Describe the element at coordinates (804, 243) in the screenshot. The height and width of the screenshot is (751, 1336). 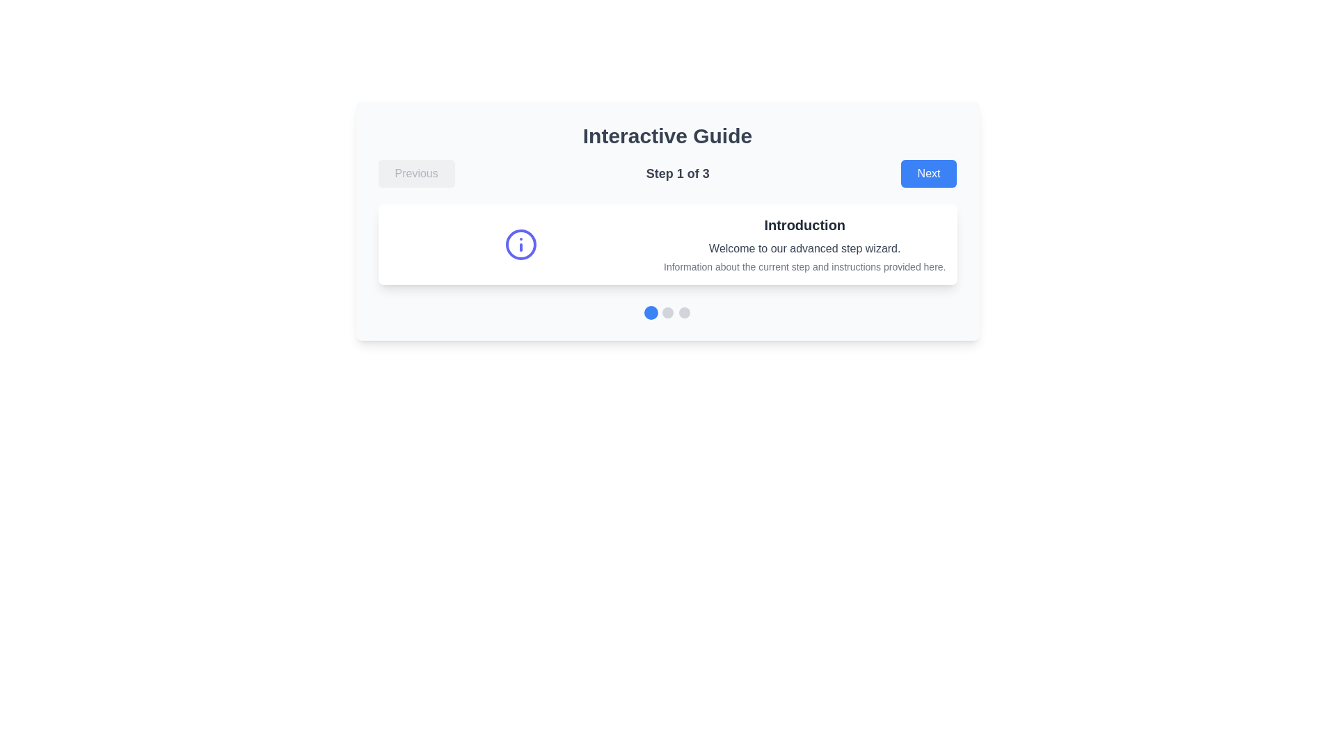
I see `Composite text block containing multiple typographic styles that provides context for the current step in the guide, located towards the center-right of the white card interface` at that location.